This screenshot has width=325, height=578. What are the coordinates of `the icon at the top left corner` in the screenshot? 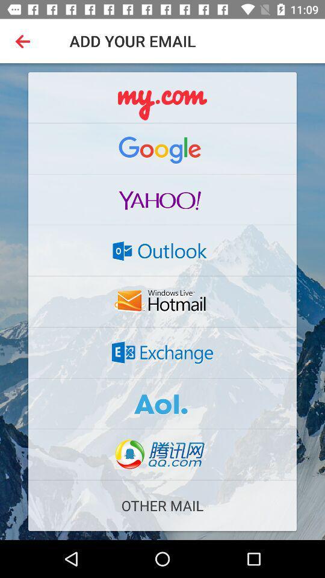 It's located at (25, 41).